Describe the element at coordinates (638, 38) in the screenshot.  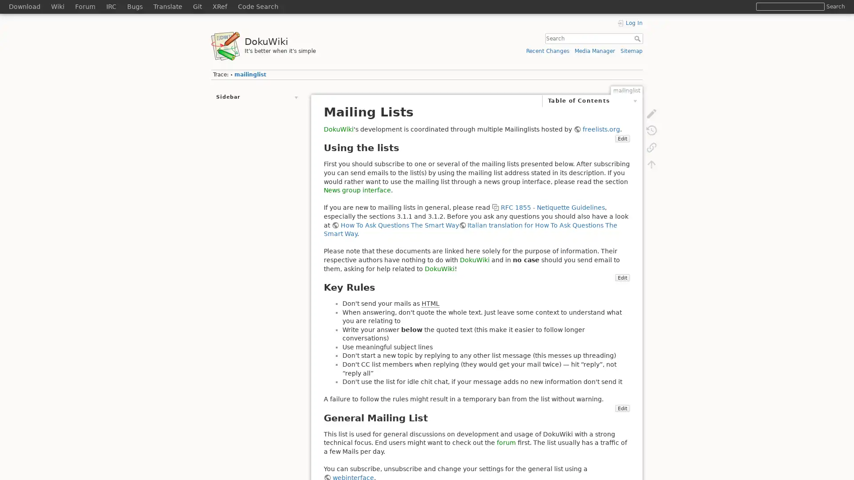
I see `Search` at that location.